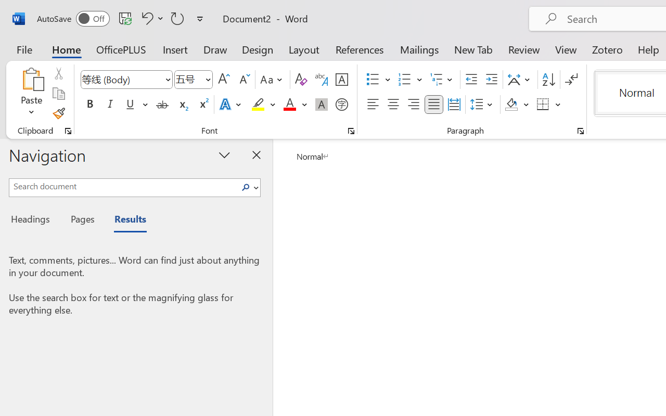 This screenshot has width=666, height=416. I want to click on 'Superscript', so click(203, 105).